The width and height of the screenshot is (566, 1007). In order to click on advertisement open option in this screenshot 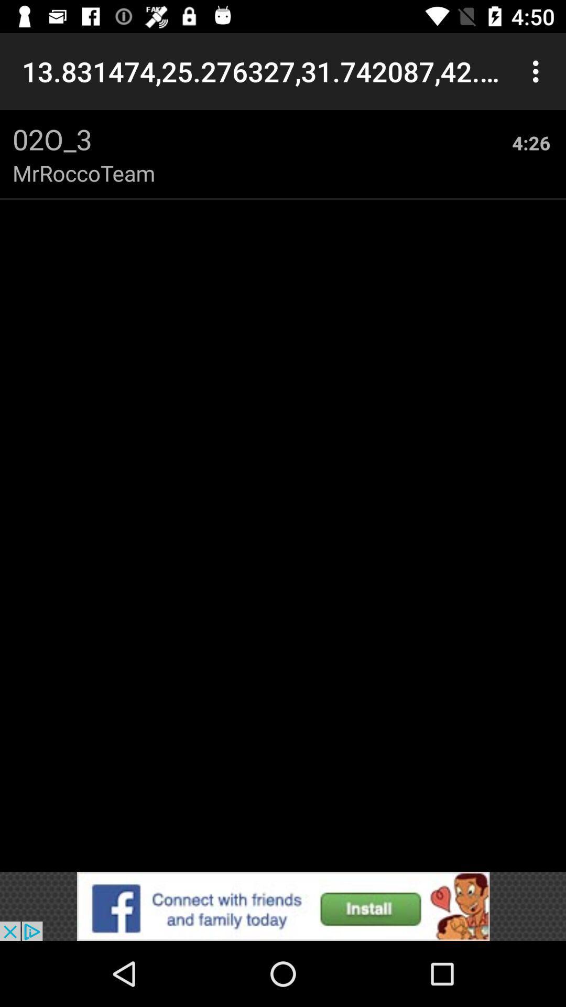, I will do `click(283, 906)`.